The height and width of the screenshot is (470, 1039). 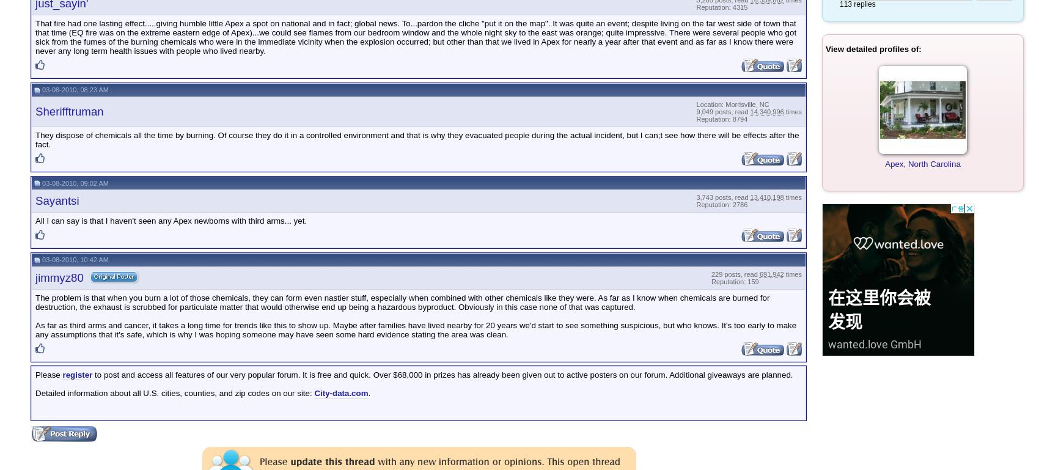 What do you see at coordinates (732, 104) in the screenshot?
I see `'Location: Morrisville, NC'` at bounding box center [732, 104].